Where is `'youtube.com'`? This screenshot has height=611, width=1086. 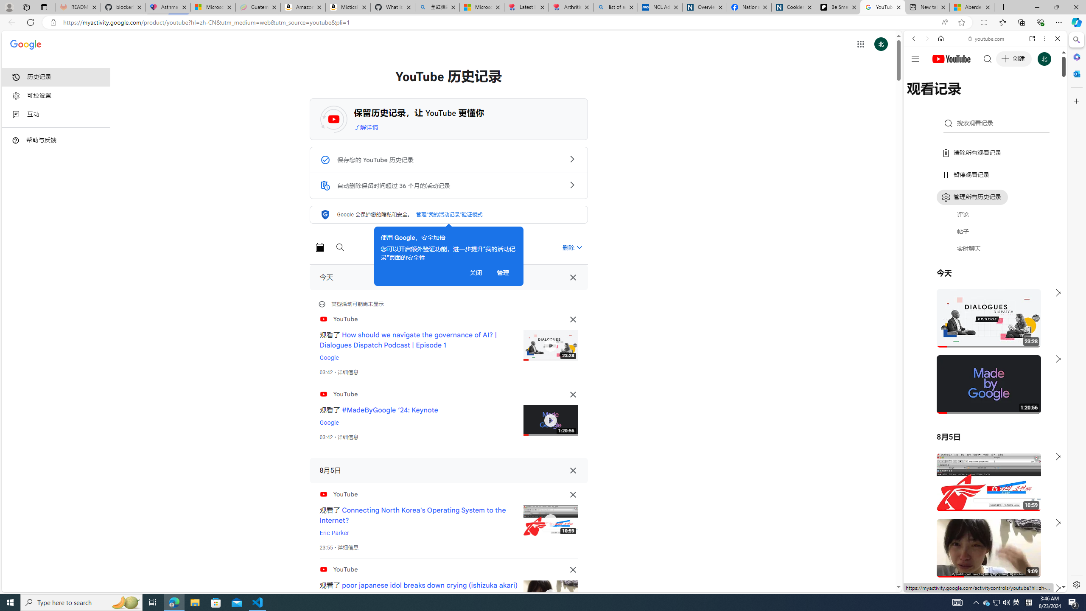
'youtube.com' is located at coordinates (986, 39).